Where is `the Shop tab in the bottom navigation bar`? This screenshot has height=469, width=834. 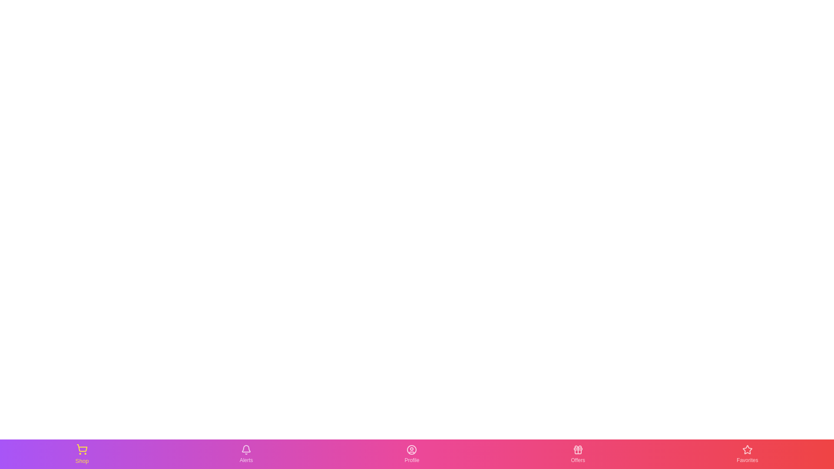
the Shop tab in the bottom navigation bar is located at coordinates (81, 453).